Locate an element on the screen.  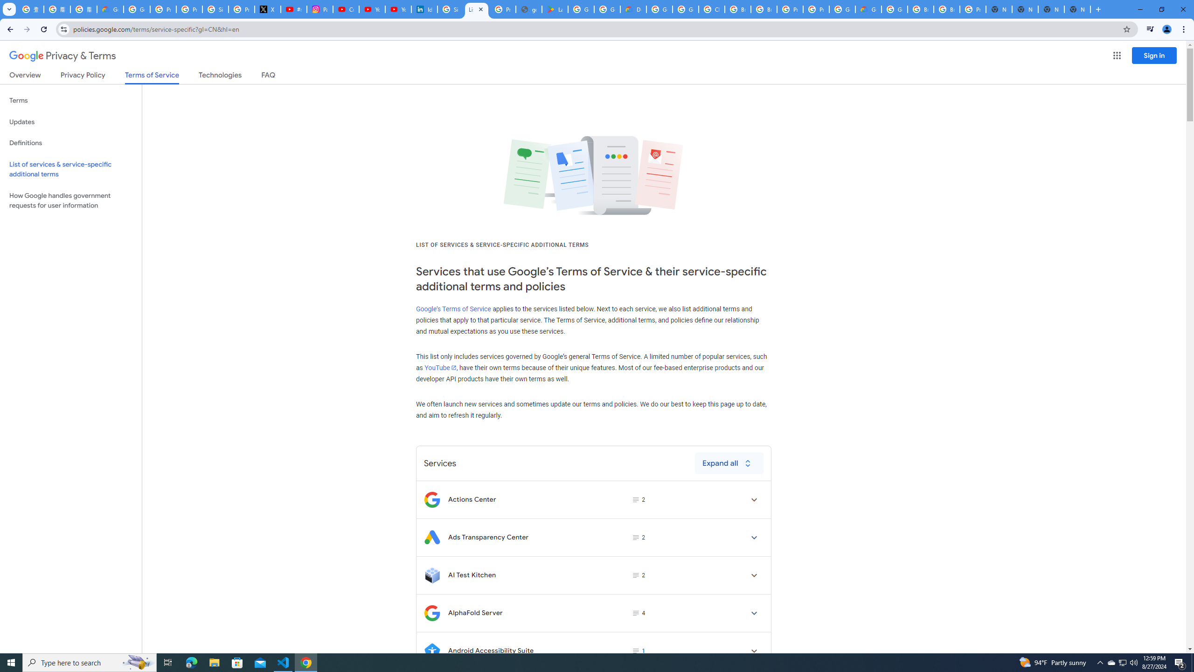
'Privacy Help Center - Policies Help' is located at coordinates (188, 9).